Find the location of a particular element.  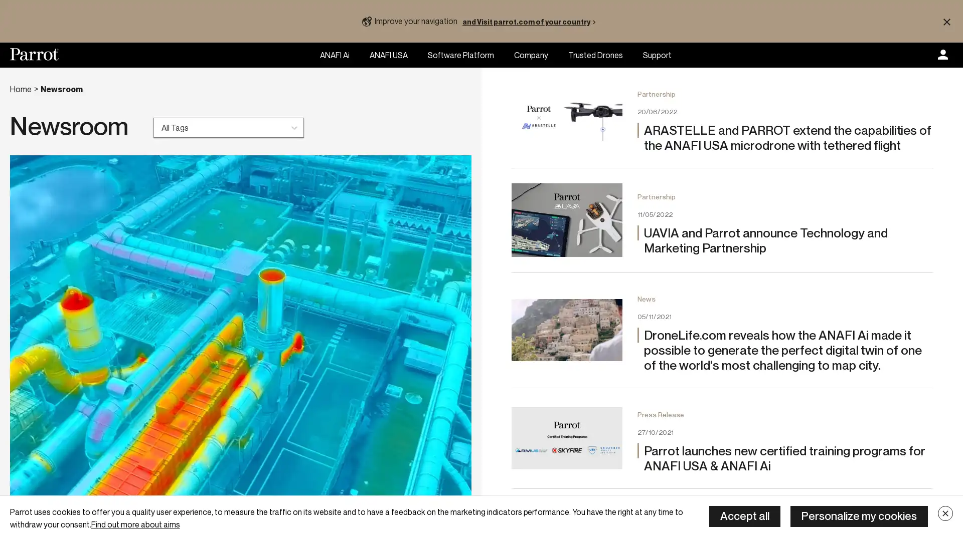

my-parrot is located at coordinates (942, 55).